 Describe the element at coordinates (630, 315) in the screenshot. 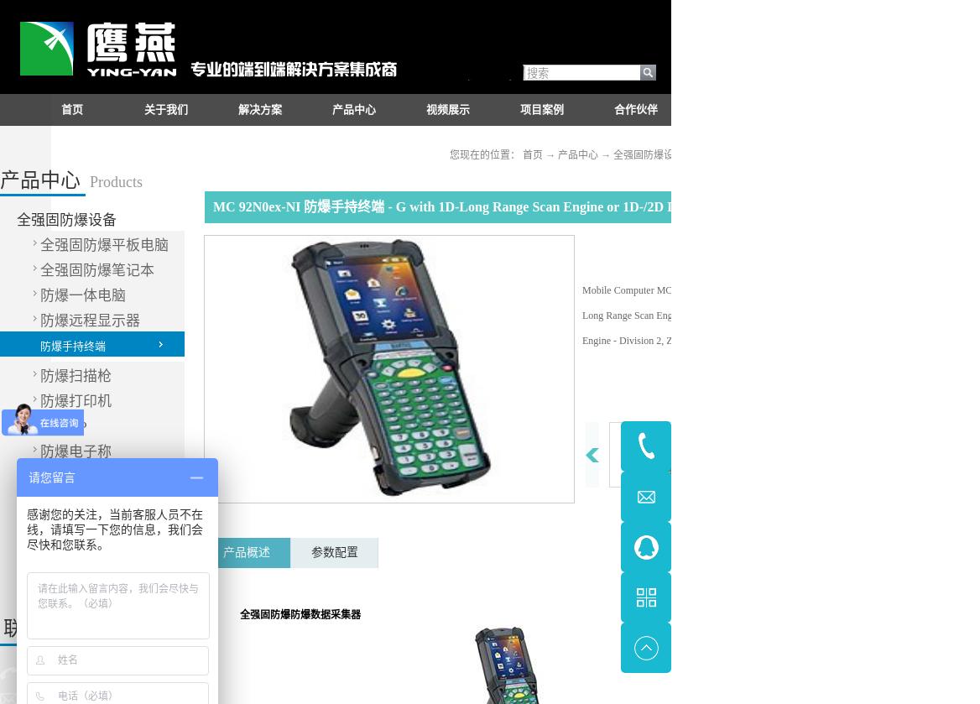

I see `'Range Scan'` at that location.